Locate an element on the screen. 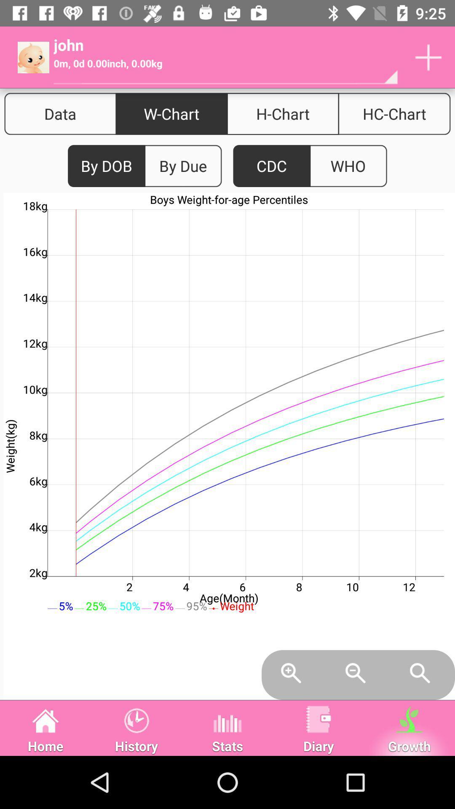  the item next to the by due icon is located at coordinates (272, 166).